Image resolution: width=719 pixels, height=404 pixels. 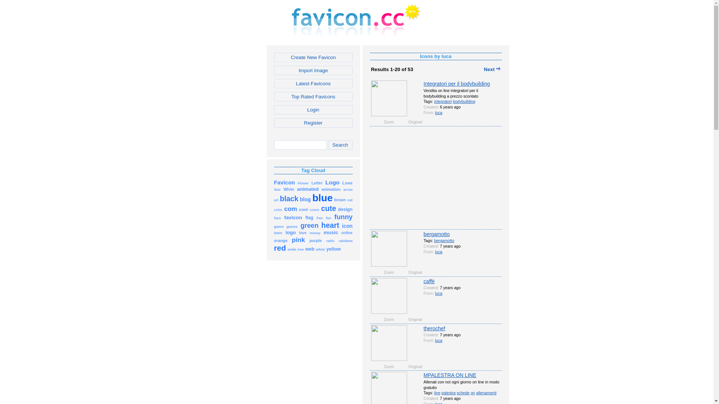 What do you see at coordinates (328, 209) in the screenshot?
I see `'cute'` at bounding box center [328, 209].